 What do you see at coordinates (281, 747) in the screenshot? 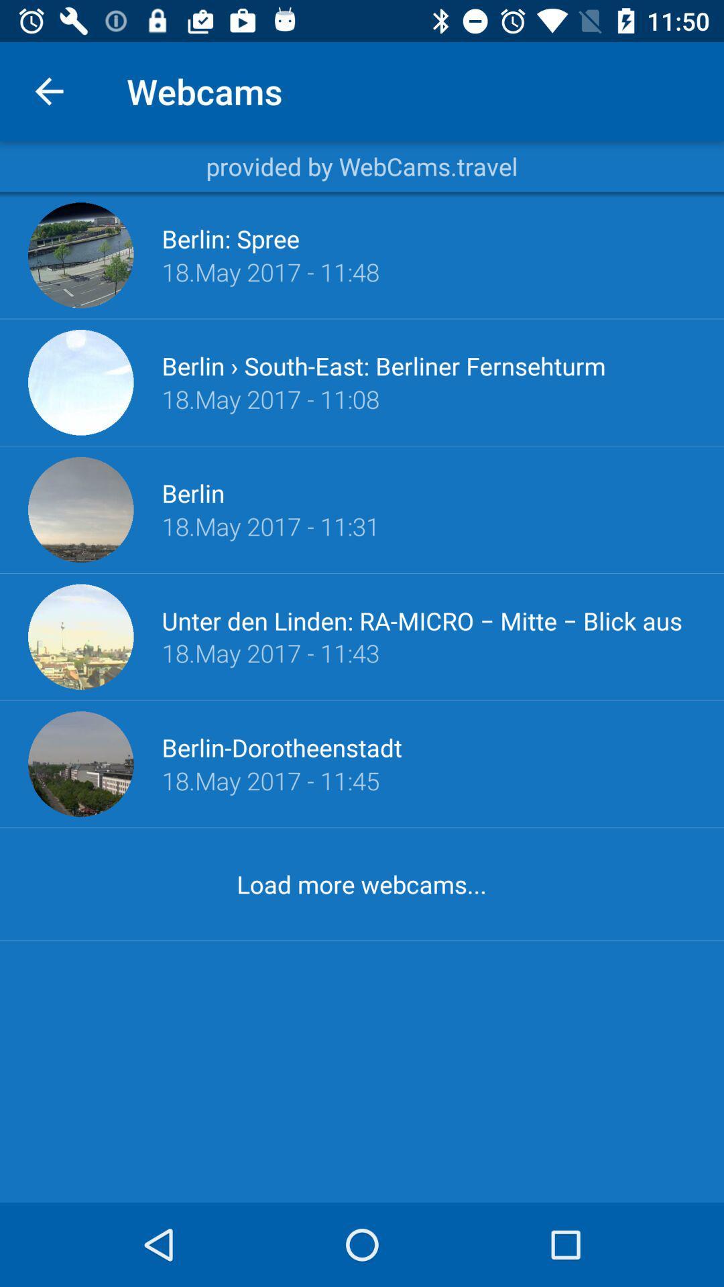
I see `berlin-dorotheenstadt item` at bounding box center [281, 747].